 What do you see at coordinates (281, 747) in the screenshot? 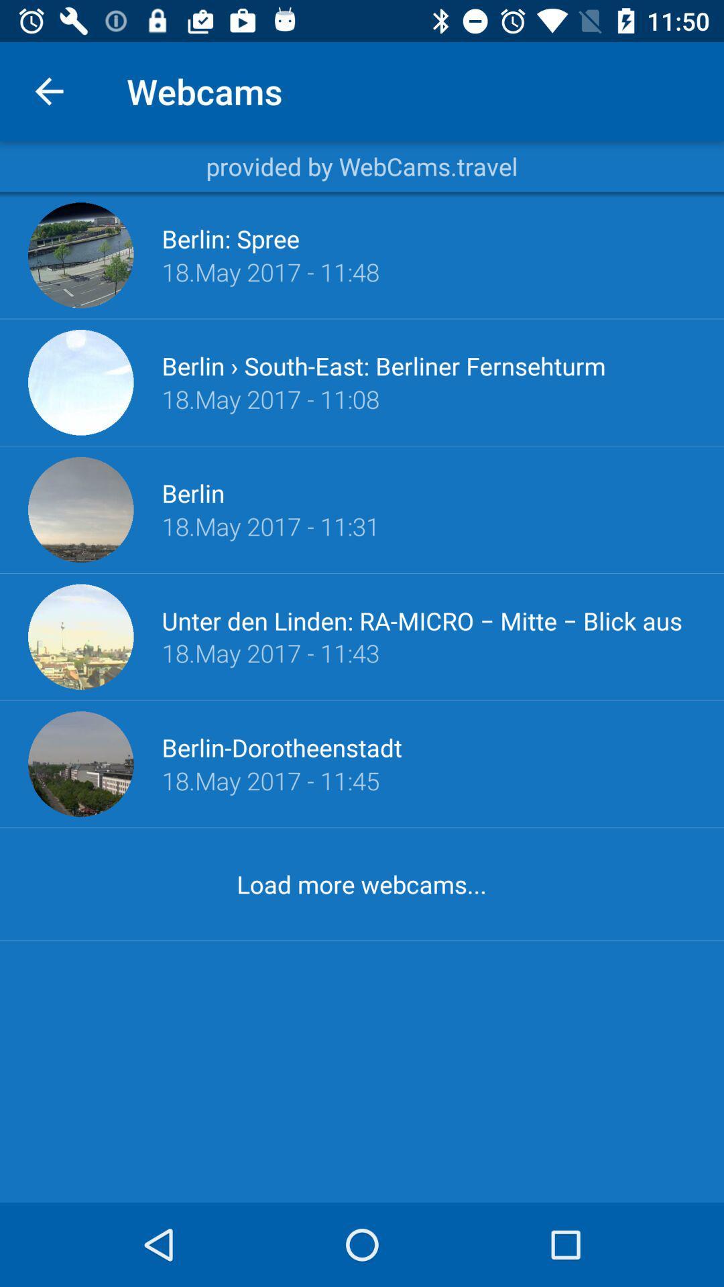
I see `berlin-dorotheenstadt item` at bounding box center [281, 747].